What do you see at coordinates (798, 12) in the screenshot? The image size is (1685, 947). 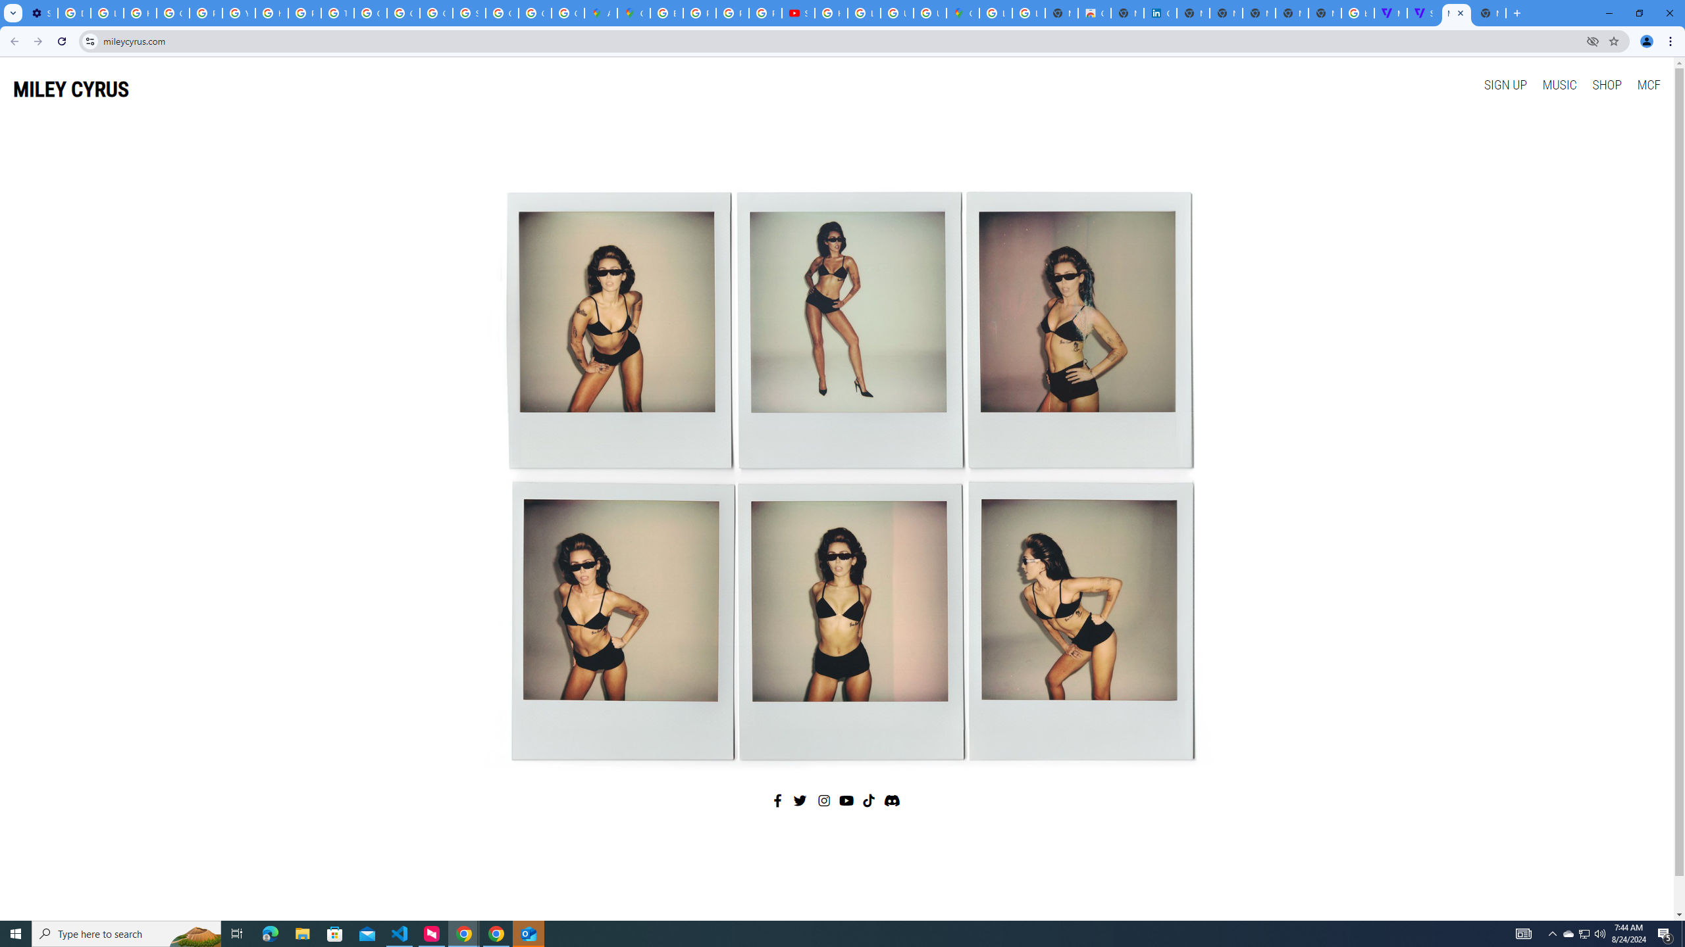 I see `'Subscriptions - YouTube'` at bounding box center [798, 12].